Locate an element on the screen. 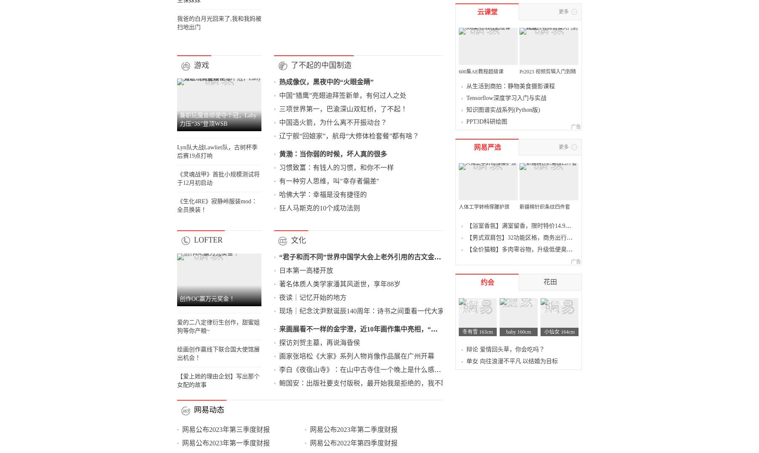 The width and height of the screenshot is (759, 453). '狂人马斯克的10个成功法则' is located at coordinates (308, 415).